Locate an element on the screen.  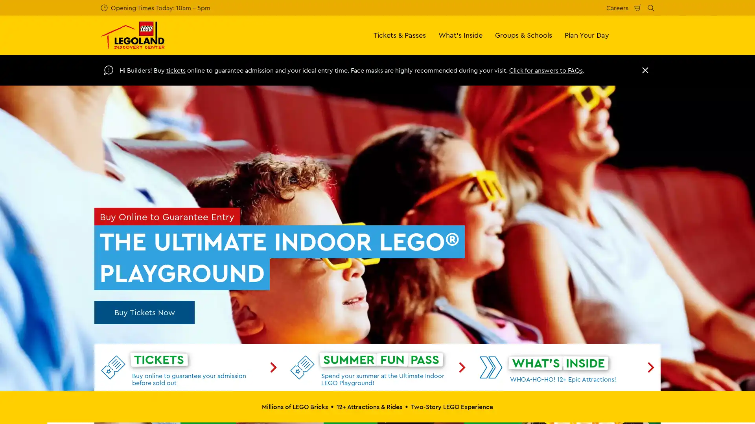
Shopping Cart is located at coordinates (638, 7).